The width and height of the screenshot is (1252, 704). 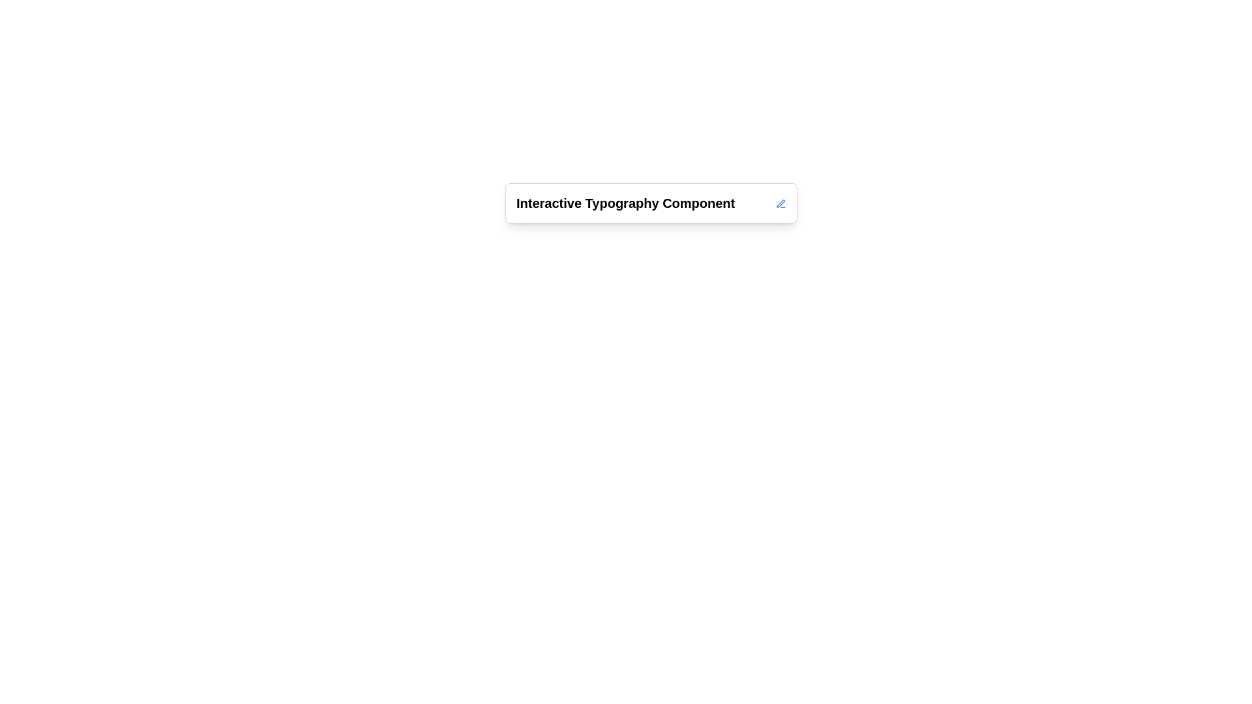 I want to click on the pen tool icon button adjacent to the 'Interactive Typography Component' text label, so click(x=781, y=203).